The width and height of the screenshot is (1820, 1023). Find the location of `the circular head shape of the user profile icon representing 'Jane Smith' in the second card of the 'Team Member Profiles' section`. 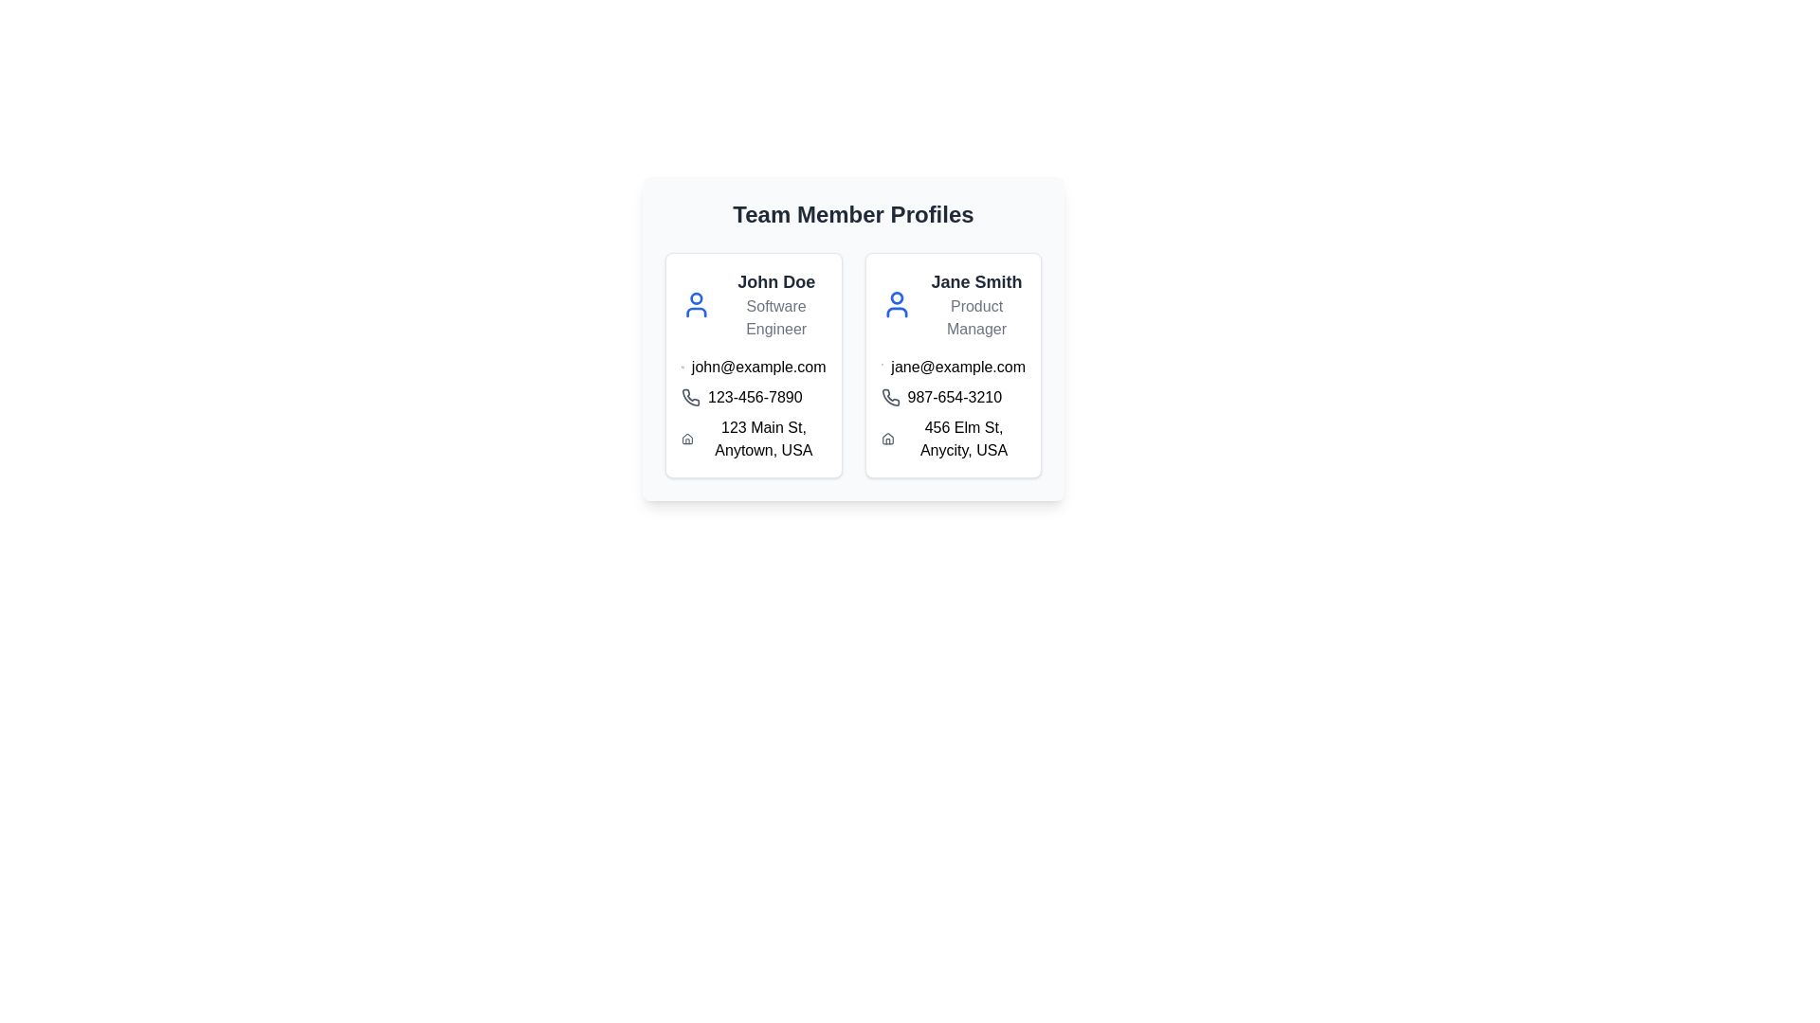

the circular head shape of the user profile icon representing 'Jane Smith' in the second card of the 'Team Member Profiles' section is located at coordinates (896, 298).